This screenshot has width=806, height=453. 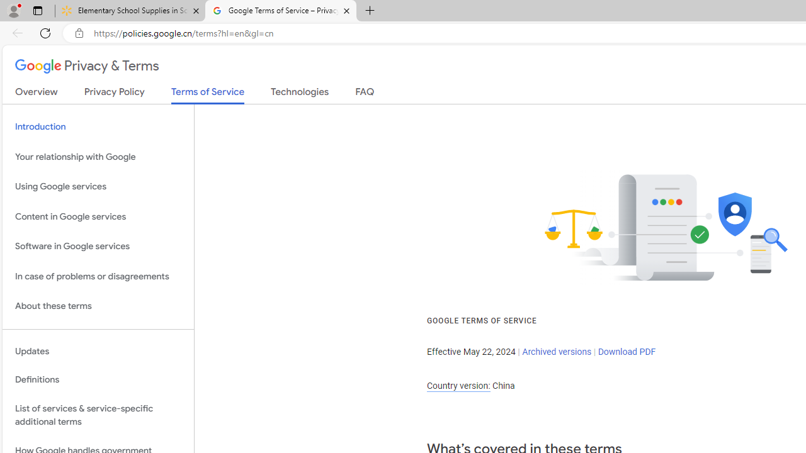 What do you see at coordinates (98, 247) in the screenshot?
I see `'Software in Google services'` at bounding box center [98, 247].